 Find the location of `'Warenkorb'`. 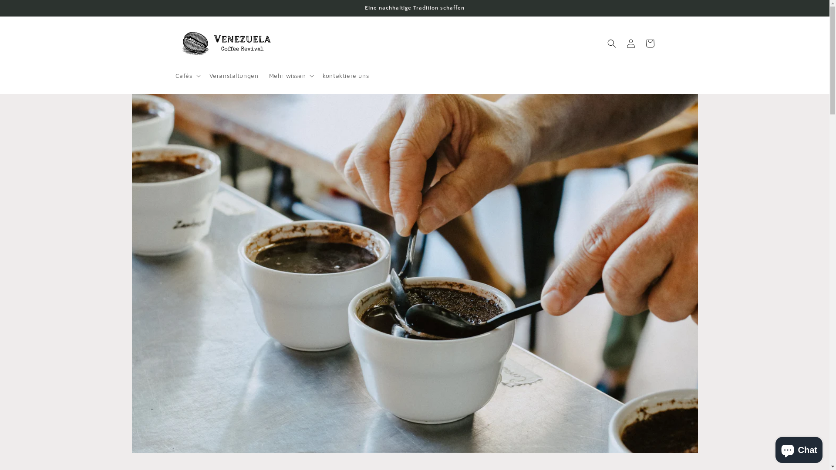

'Warenkorb' is located at coordinates (650, 44).